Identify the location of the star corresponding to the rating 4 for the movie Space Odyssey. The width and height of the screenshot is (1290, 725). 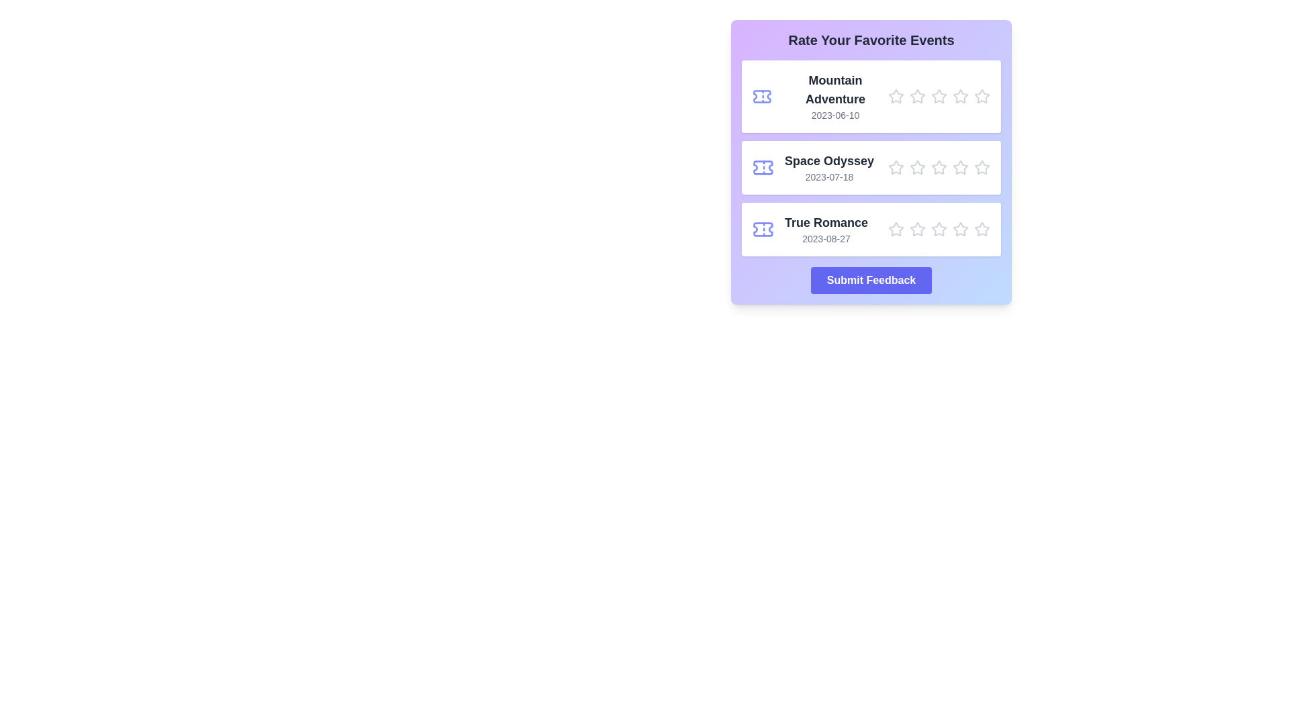
(960, 167).